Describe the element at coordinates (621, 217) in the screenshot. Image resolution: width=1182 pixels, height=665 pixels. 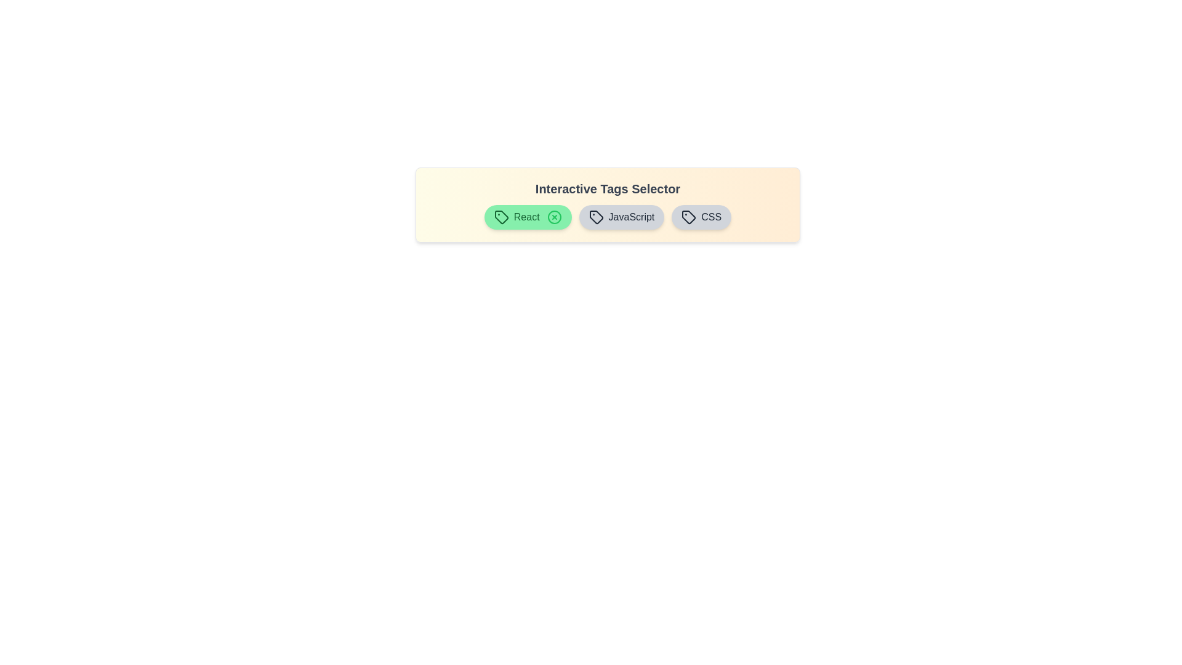
I see `the tag JavaScript` at that location.